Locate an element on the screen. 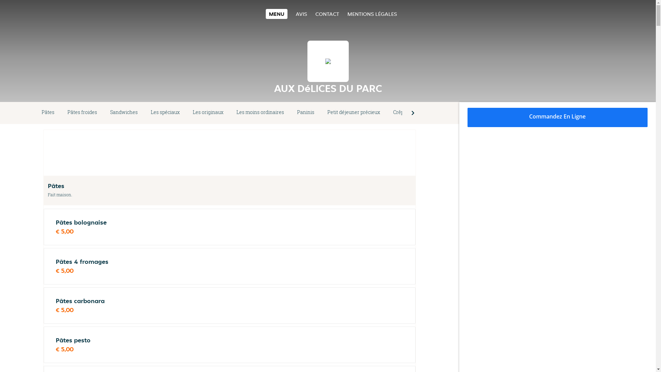 This screenshot has height=372, width=661. 'CONTACT' is located at coordinates (327, 14).